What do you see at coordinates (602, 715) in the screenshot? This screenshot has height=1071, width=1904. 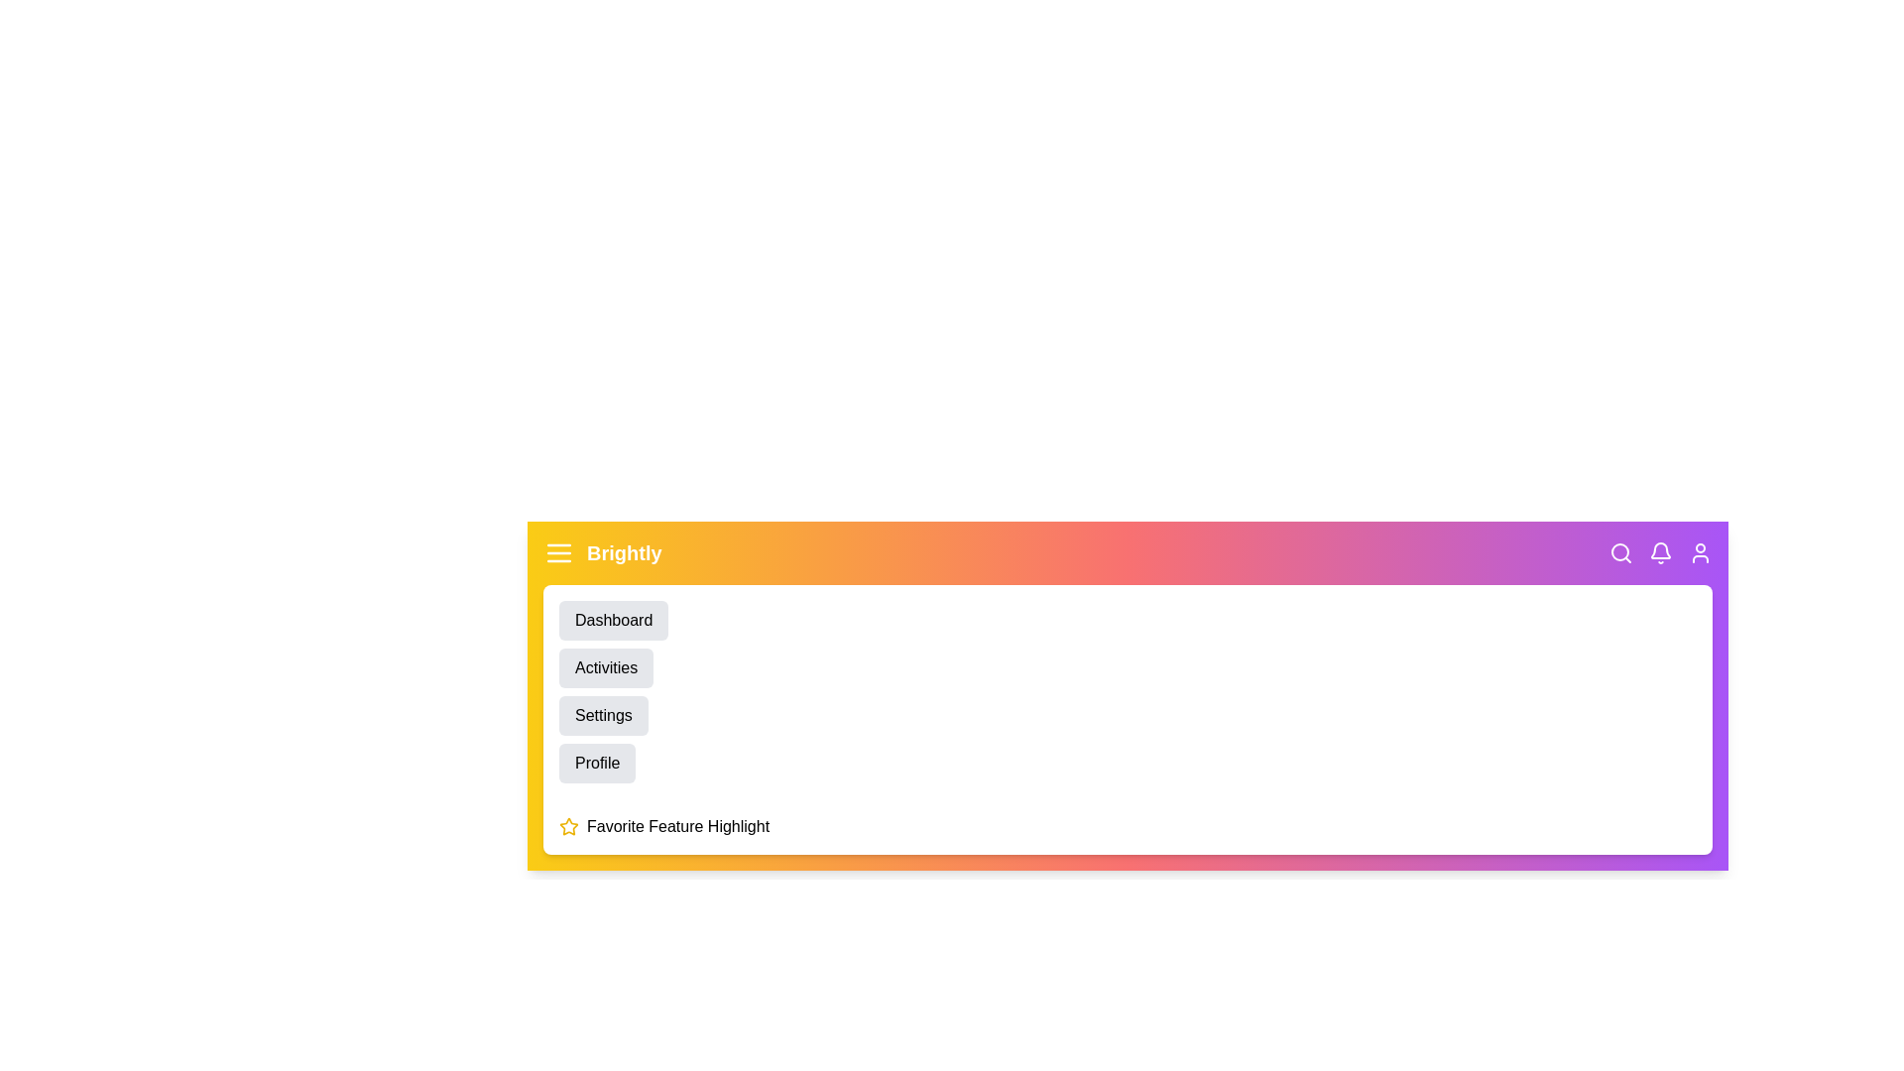 I see `the 'Settings' menu item in the menu` at bounding box center [602, 715].